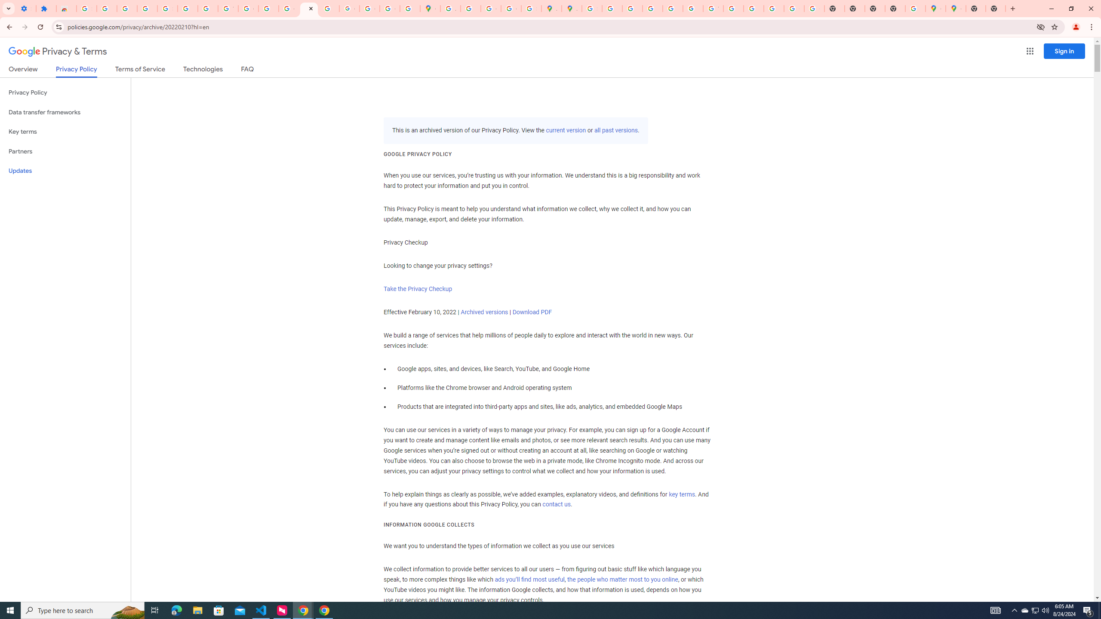  What do you see at coordinates (484, 311) in the screenshot?
I see `'Archived versions'` at bounding box center [484, 311].